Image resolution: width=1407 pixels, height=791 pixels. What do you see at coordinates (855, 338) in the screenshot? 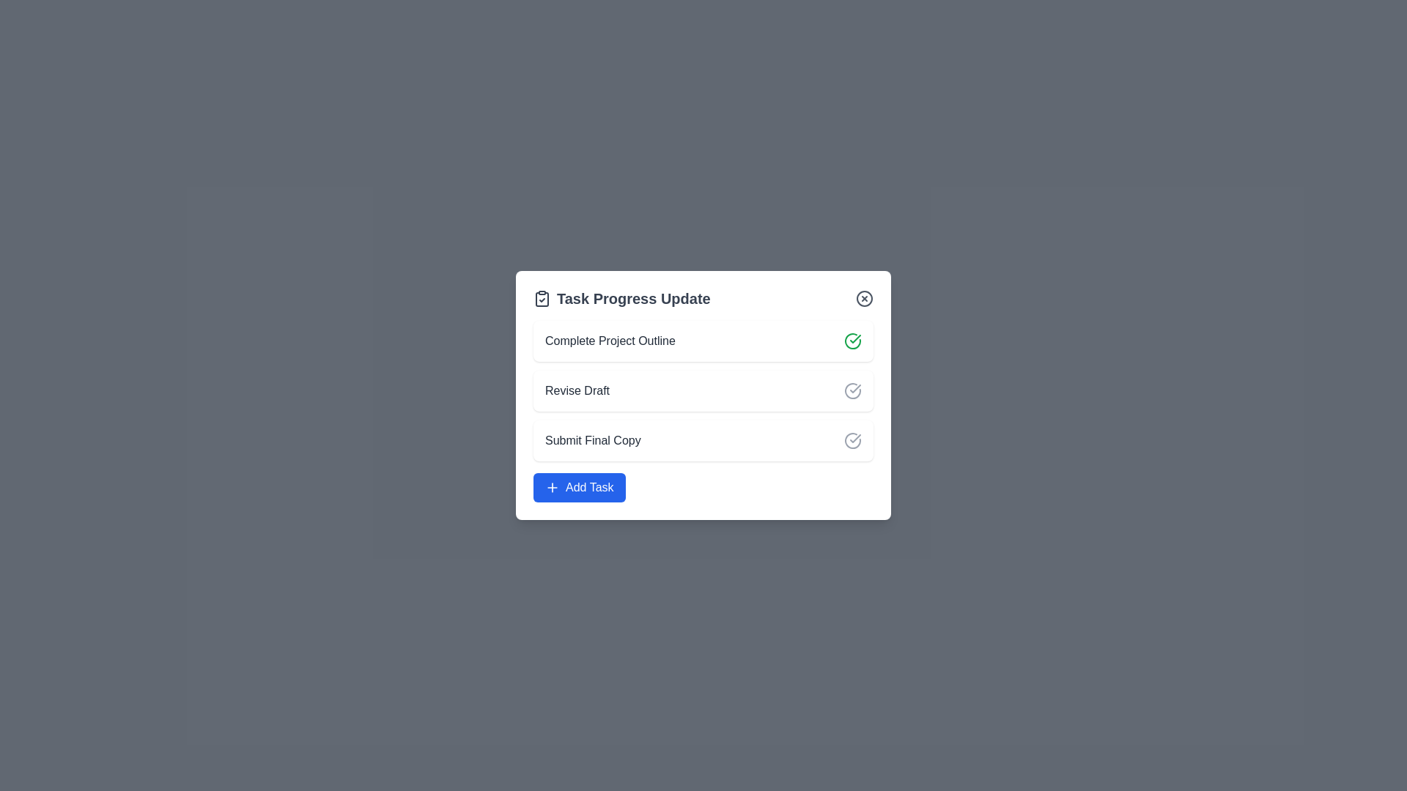
I see `the green checkmark icon within the Task Progress Update modal box, which indicates a completed task` at bounding box center [855, 338].